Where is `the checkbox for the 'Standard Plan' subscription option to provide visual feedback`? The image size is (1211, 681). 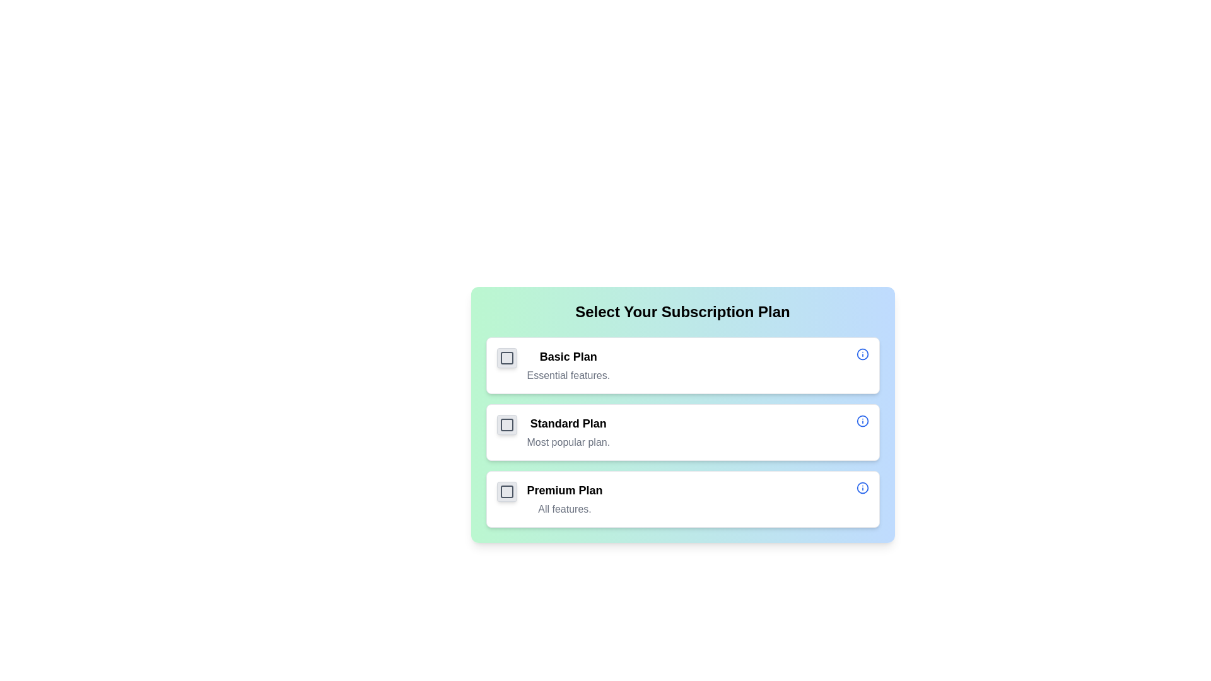 the checkbox for the 'Standard Plan' subscription option to provide visual feedback is located at coordinates (506, 425).